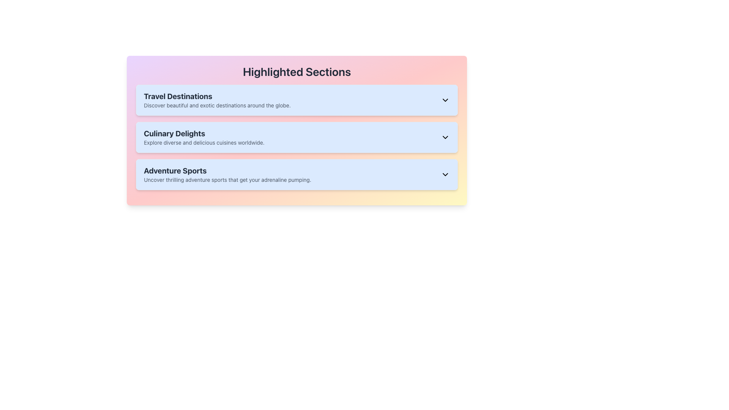  What do you see at coordinates (204, 137) in the screenshot?
I see `the text block titled 'Culinary Delights' which contains a subtitle 'Explore diverse and delicious cuisines worldwide.'` at bounding box center [204, 137].